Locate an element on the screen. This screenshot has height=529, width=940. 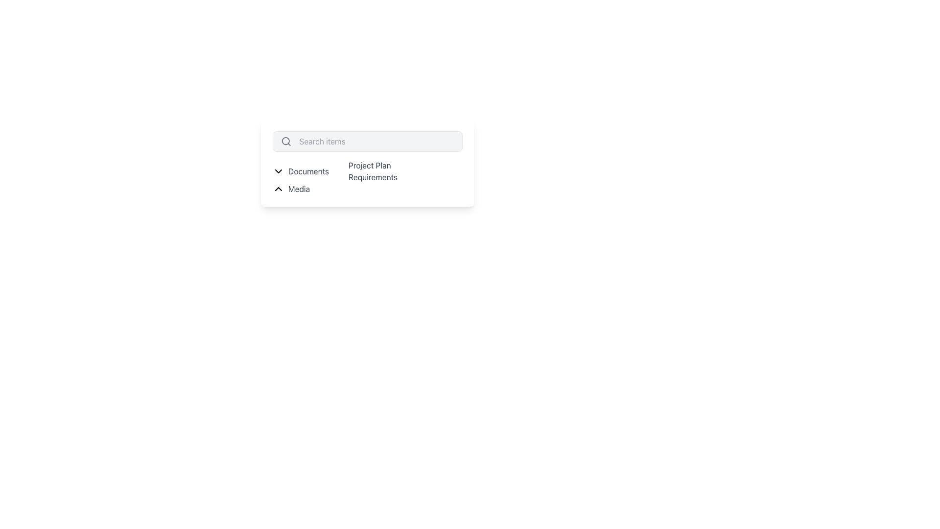
the magnifying glass icon located on the left side of the light gray input box, which has the placeholder text 'Search items' is located at coordinates (285, 142).